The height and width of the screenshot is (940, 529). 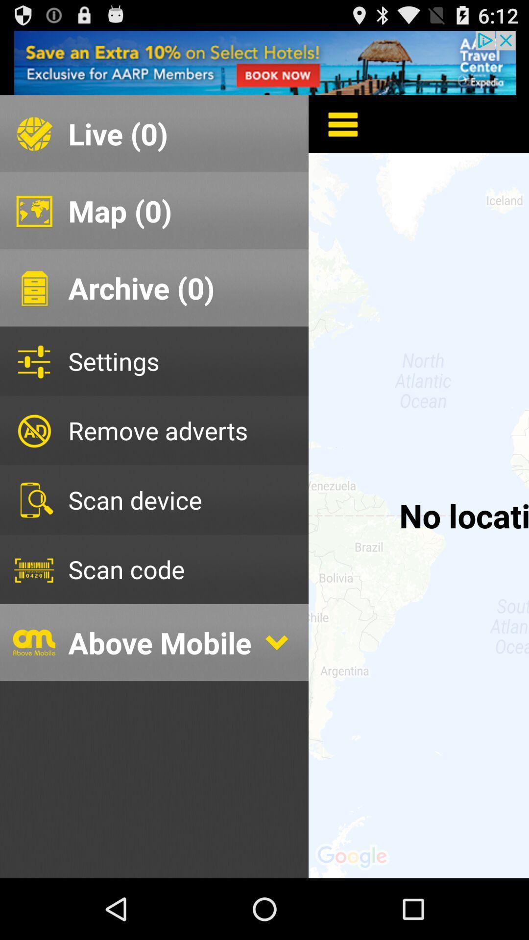 What do you see at coordinates (336, 132) in the screenshot?
I see `the menu icon` at bounding box center [336, 132].